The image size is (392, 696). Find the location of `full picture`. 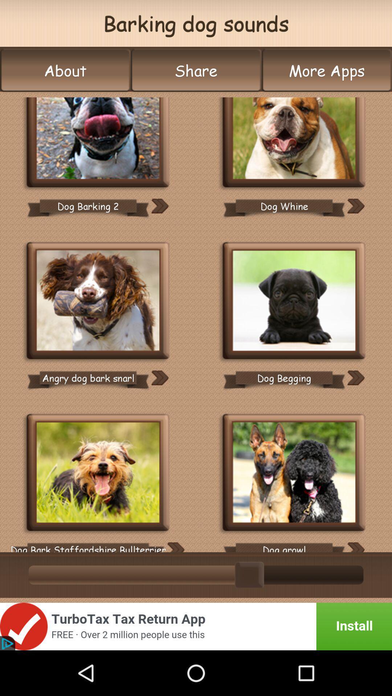

full picture is located at coordinates (98, 143).